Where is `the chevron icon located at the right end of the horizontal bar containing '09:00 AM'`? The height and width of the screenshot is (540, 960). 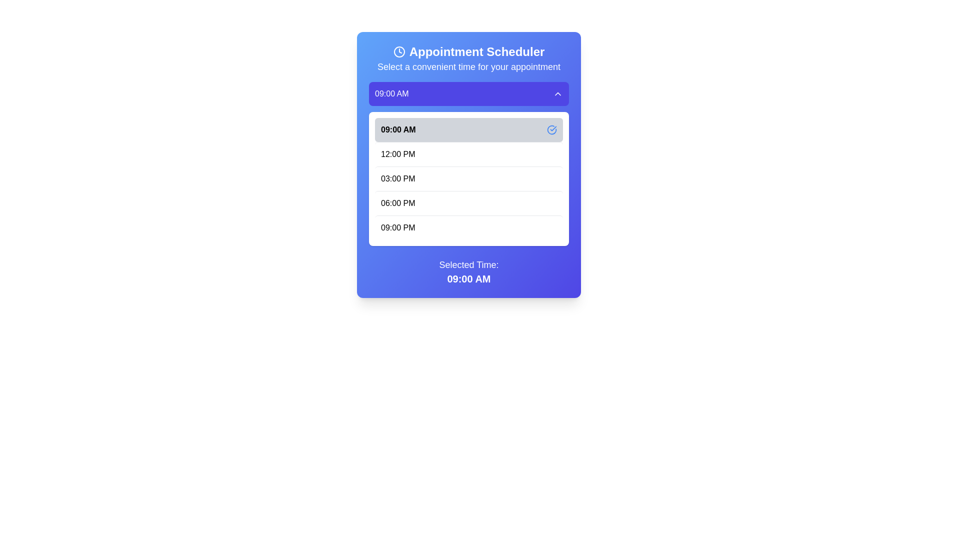 the chevron icon located at the right end of the horizontal bar containing '09:00 AM' is located at coordinates (557, 94).